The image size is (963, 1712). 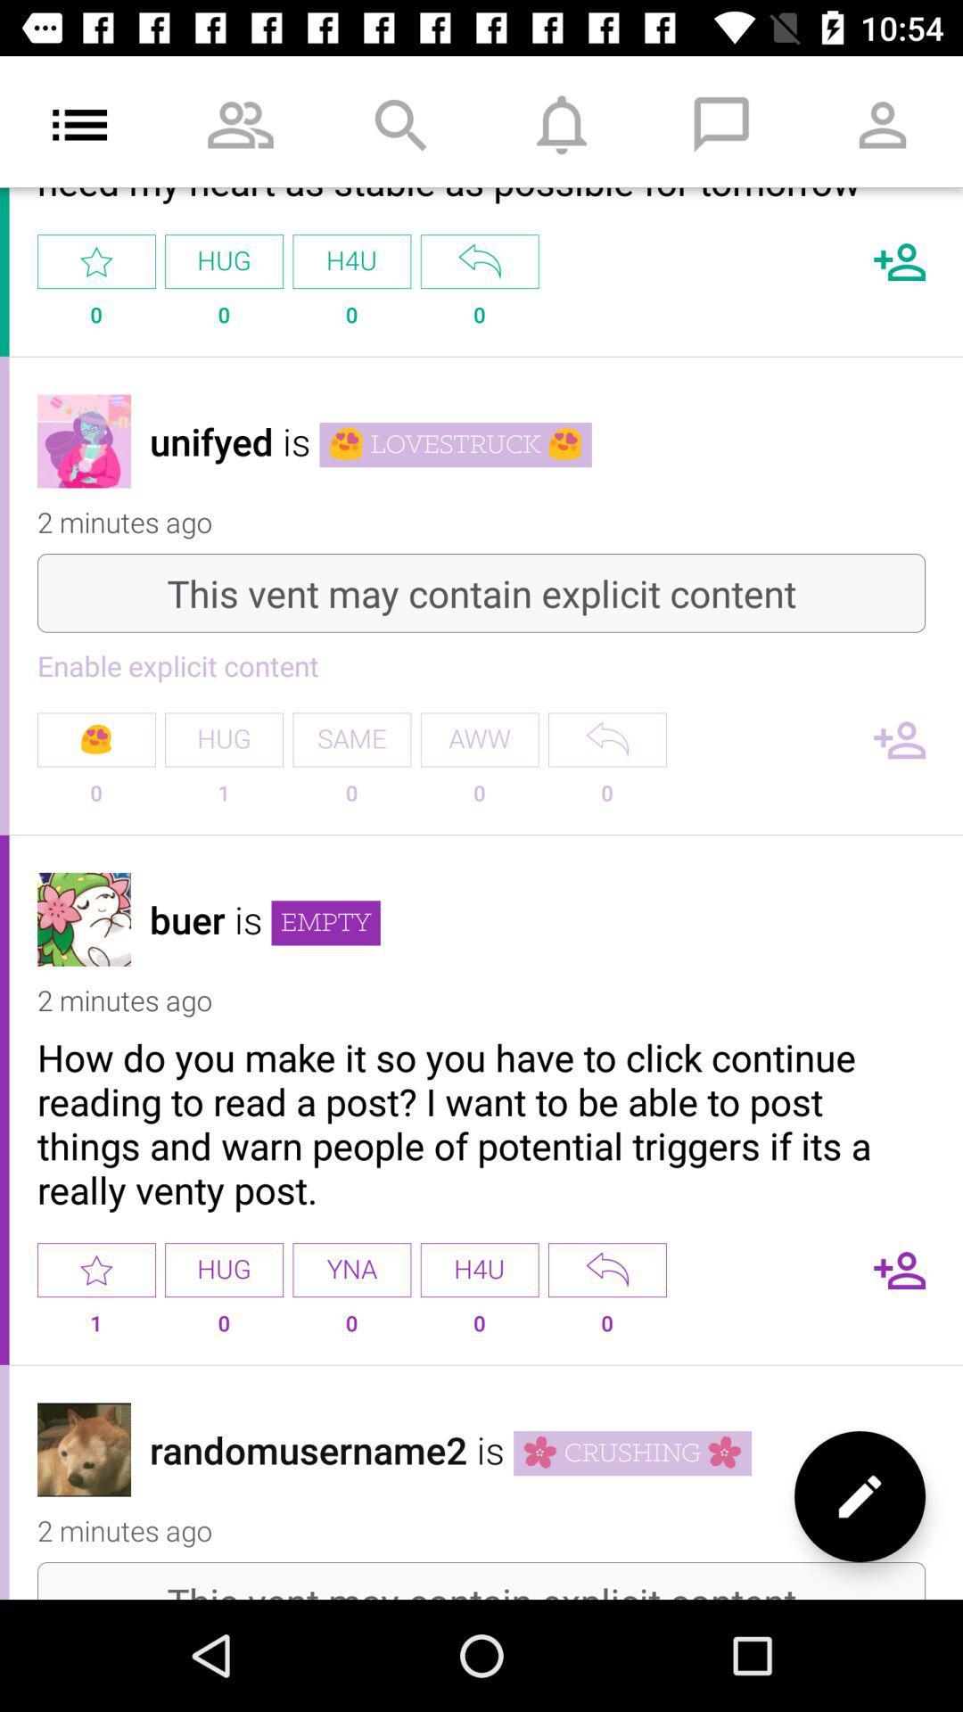 What do you see at coordinates (96, 1269) in the screenshot?
I see `like status` at bounding box center [96, 1269].